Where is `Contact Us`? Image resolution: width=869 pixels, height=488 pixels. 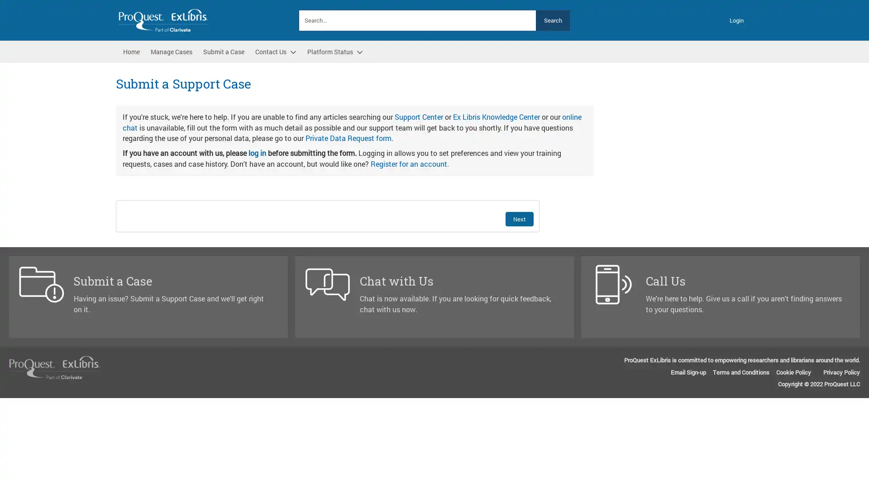
Contact Us is located at coordinates (275, 52).